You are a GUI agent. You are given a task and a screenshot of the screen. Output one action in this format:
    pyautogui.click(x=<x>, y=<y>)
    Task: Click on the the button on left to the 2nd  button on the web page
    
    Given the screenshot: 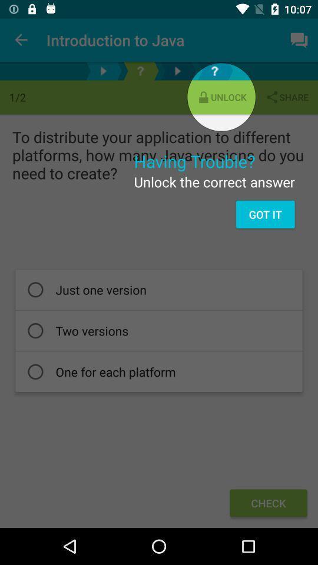 What is the action you would take?
    pyautogui.click(x=177, y=71)
    